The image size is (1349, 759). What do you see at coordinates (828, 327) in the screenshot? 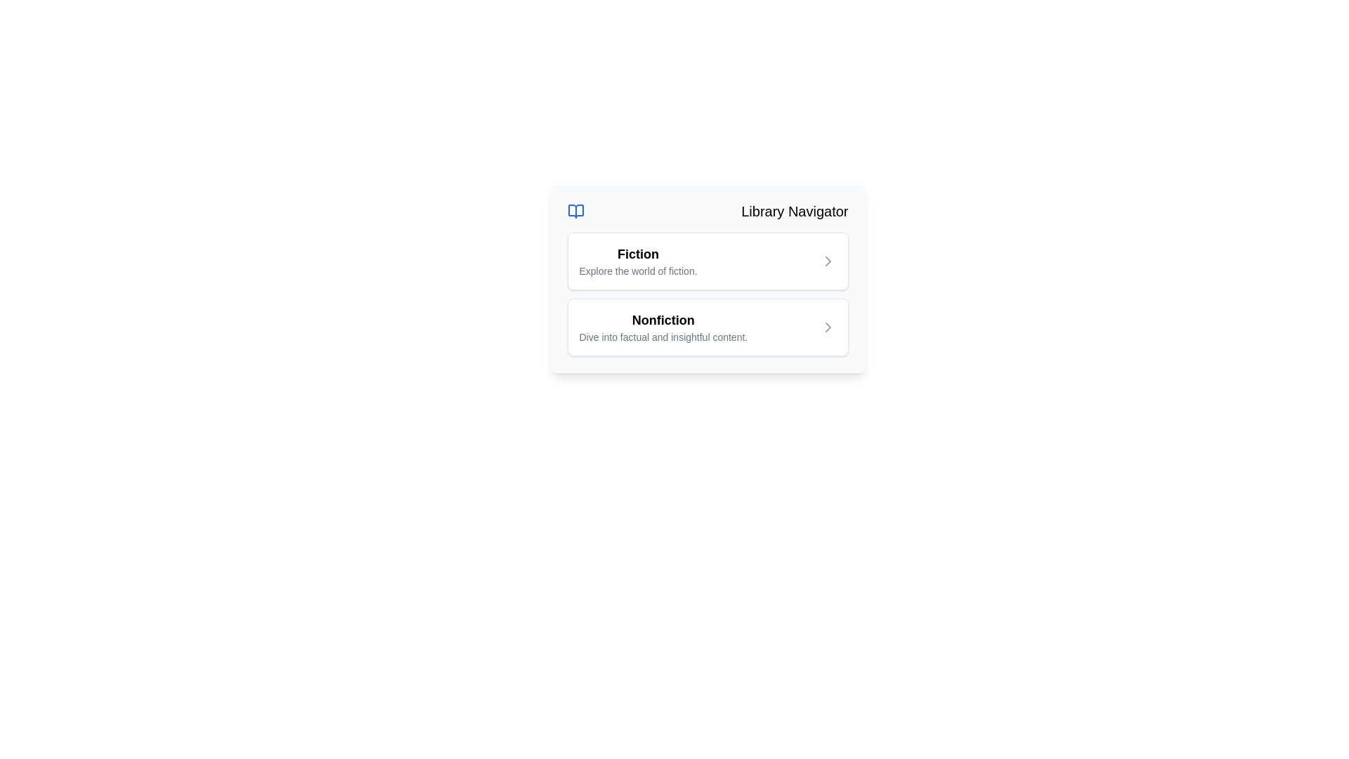
I see `the small gray chevron icon pointing to the right, located in the second row of the library navigator card, next to the Nonfiction section's text` at bounding box center [828, 327].